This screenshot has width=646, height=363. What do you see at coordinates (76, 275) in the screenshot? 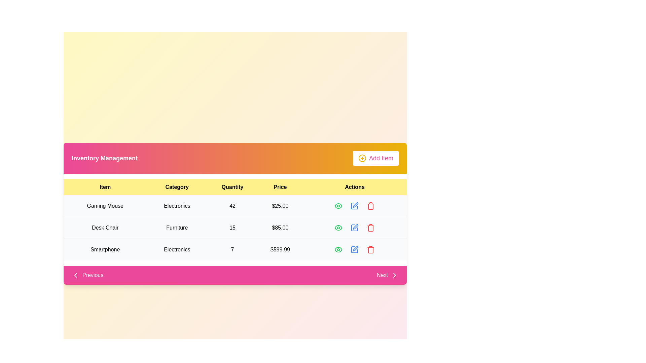
I see `the chevron arrow SVG element representing the action to move to the previous page, located within the 'Previous' button at the bottom-left corner of the interface` at bounding box center [76, 275].